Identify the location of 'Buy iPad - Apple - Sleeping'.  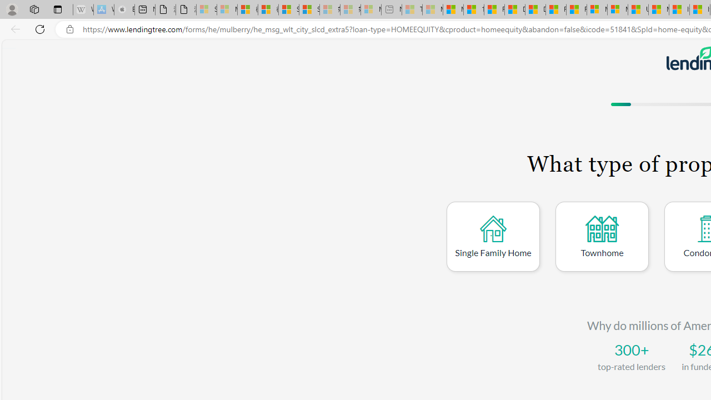
(124, 9).